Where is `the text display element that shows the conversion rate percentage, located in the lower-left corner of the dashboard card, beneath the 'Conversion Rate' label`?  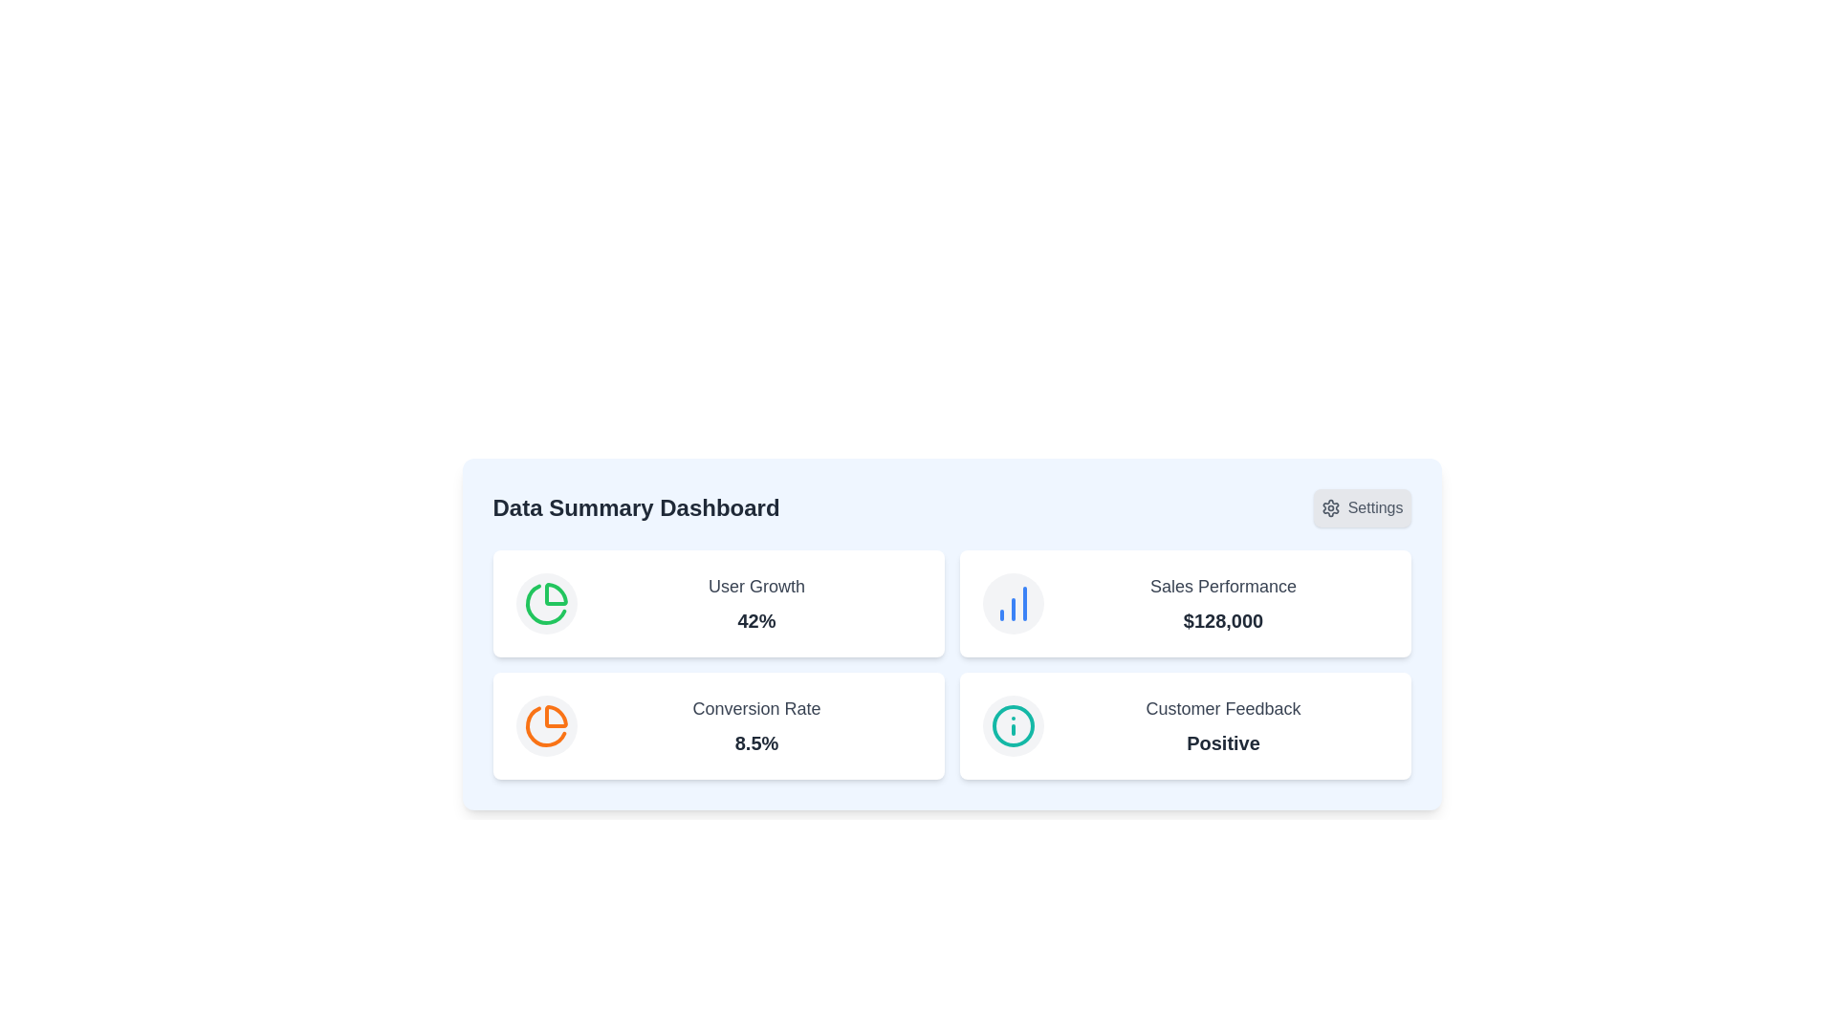
the text display element that shows the conversion rate percentage, located in the lower-left corner of the dashboard card, beneath the 'Conversion Rate' label is located at coordinates (755, 742).